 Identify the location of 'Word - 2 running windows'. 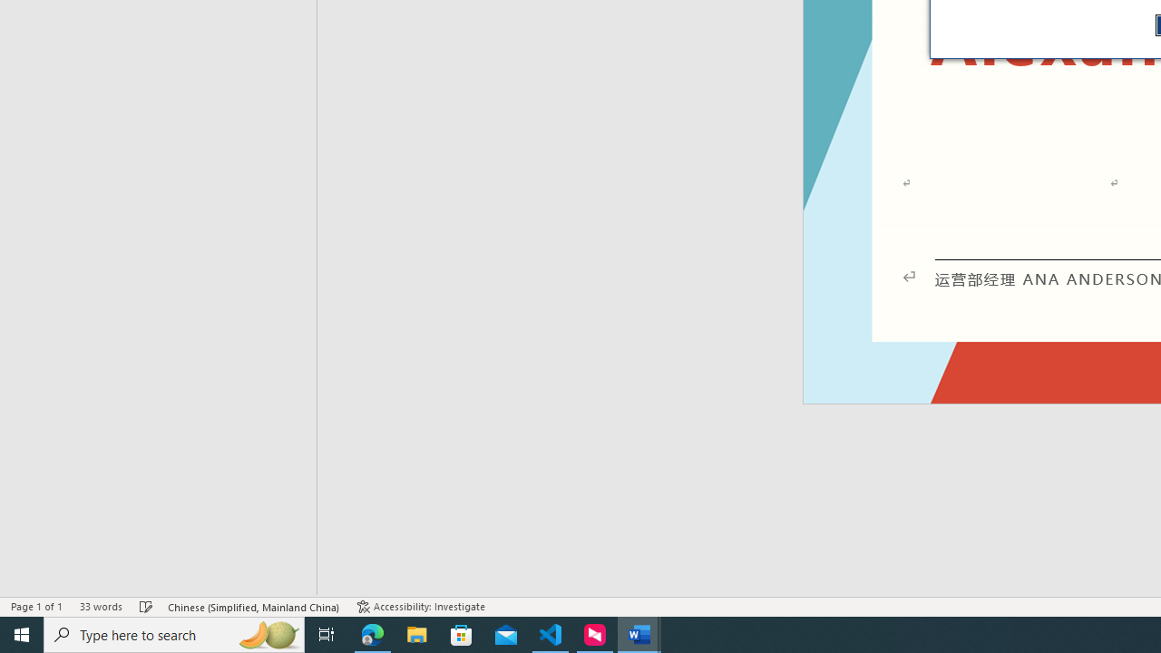
(639, 633).